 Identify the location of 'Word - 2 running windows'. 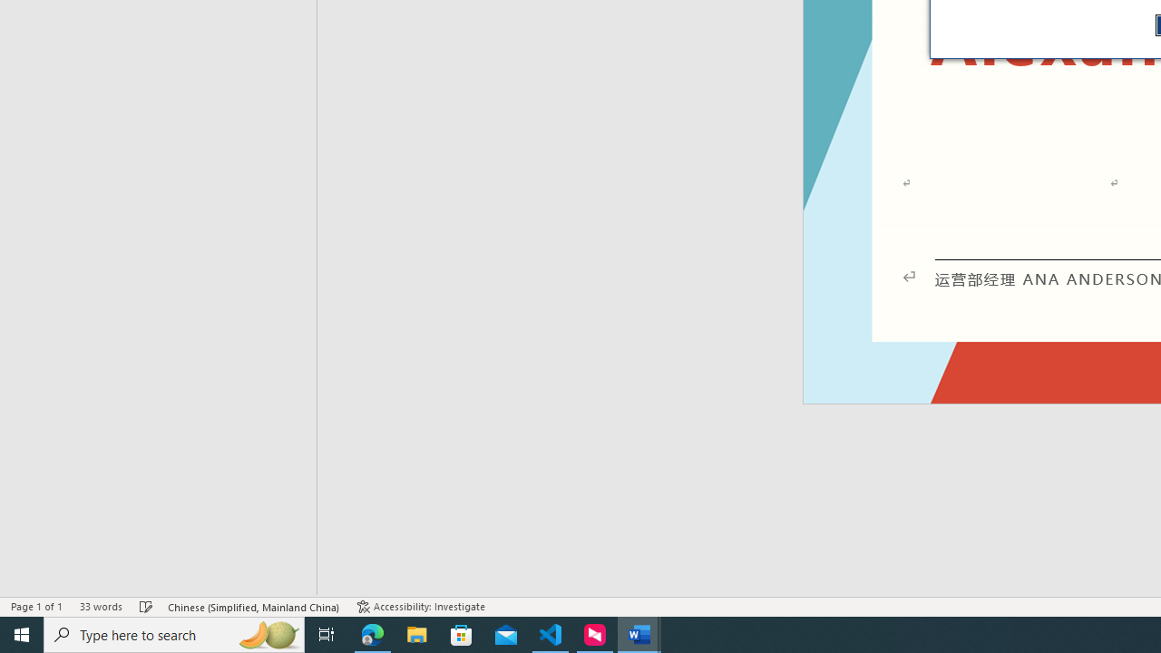
(639, 633).